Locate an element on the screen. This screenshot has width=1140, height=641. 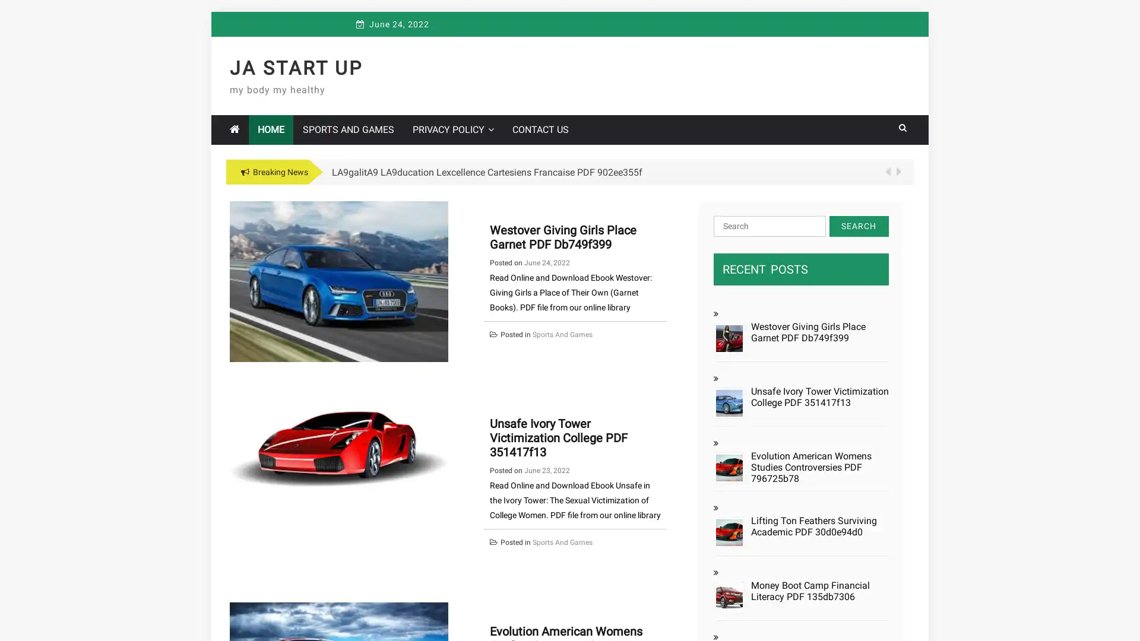
Search is located at coordinates (858, 226).